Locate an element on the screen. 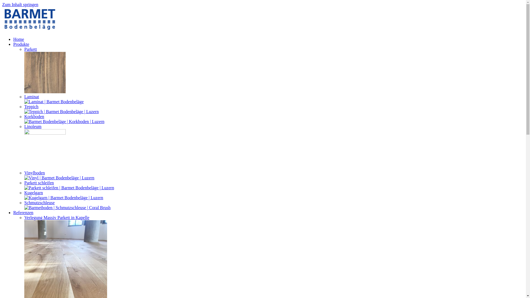 The width and height of the screenshot is (530, 298). 'Home' is located at coordinates (18, 39).